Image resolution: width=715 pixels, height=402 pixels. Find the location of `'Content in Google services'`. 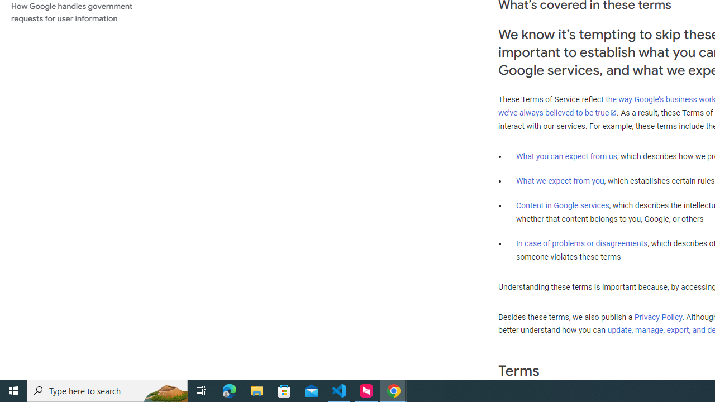

'Content in Google services' is located at coordinates (563, 205).